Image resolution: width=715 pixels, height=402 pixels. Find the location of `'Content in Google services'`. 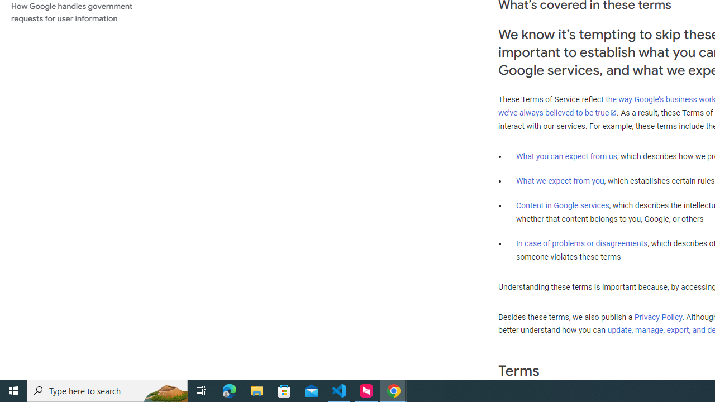

'Content in Google services' is located at coordinates (563, 205).